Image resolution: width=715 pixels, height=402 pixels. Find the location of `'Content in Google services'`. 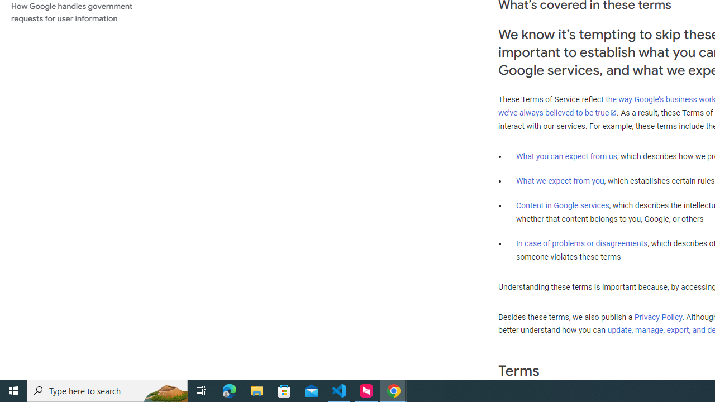

'Content in Google services' is located at coordinates (563, 205).